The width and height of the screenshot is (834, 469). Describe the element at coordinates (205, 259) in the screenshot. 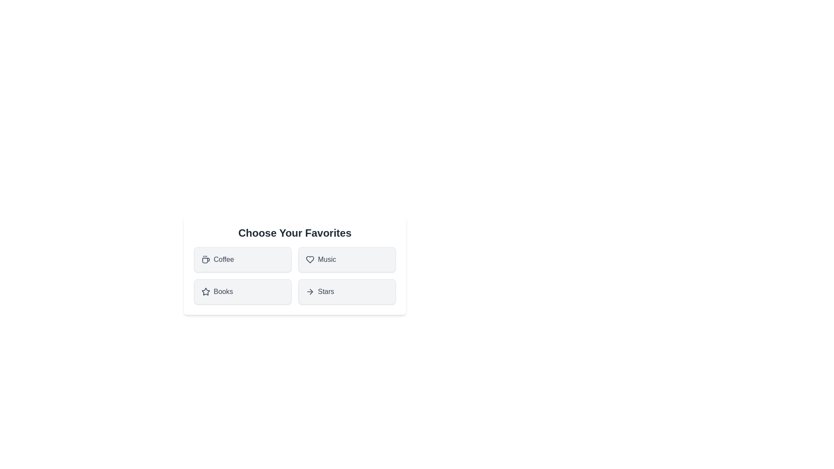

I see `the coffee cup icon, which is a small graphic representation with a handle on the right and steam lines above it, located to the left of the 'Coffee' button` at that location.